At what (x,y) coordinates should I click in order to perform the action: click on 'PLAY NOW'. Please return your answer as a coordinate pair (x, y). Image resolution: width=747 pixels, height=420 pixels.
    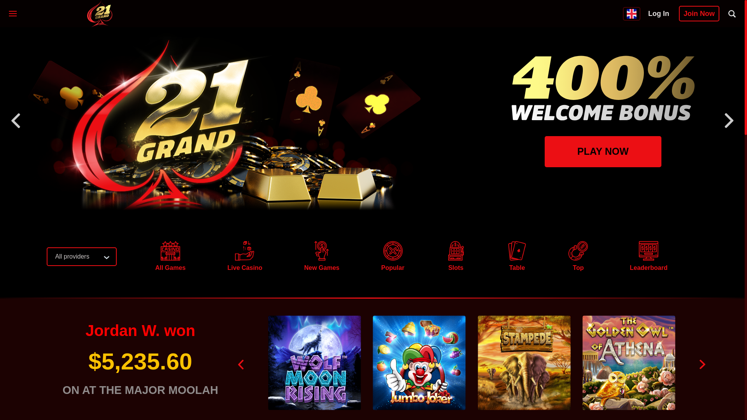
    Looking at the image, I should click on (544, 151).